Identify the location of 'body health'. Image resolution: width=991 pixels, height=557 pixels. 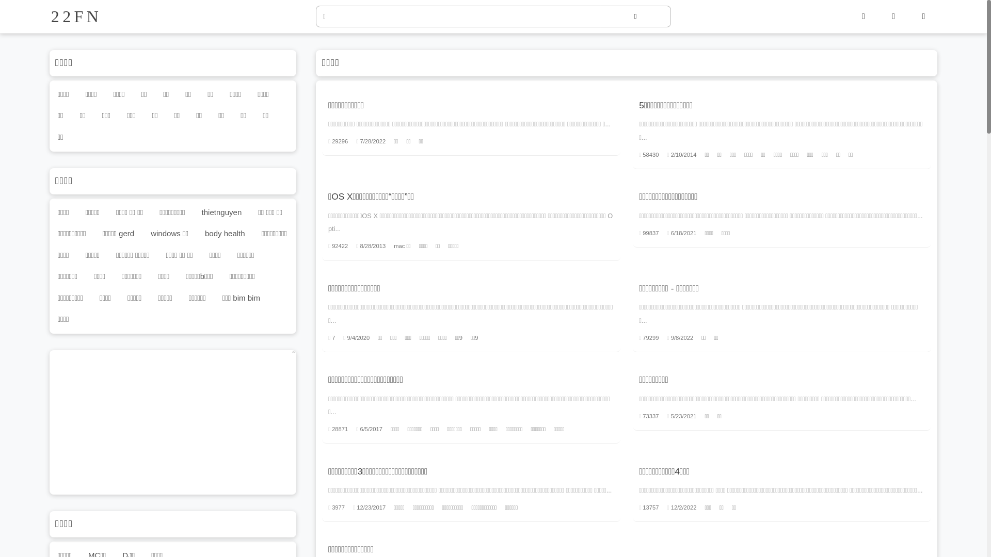
(224, 234).